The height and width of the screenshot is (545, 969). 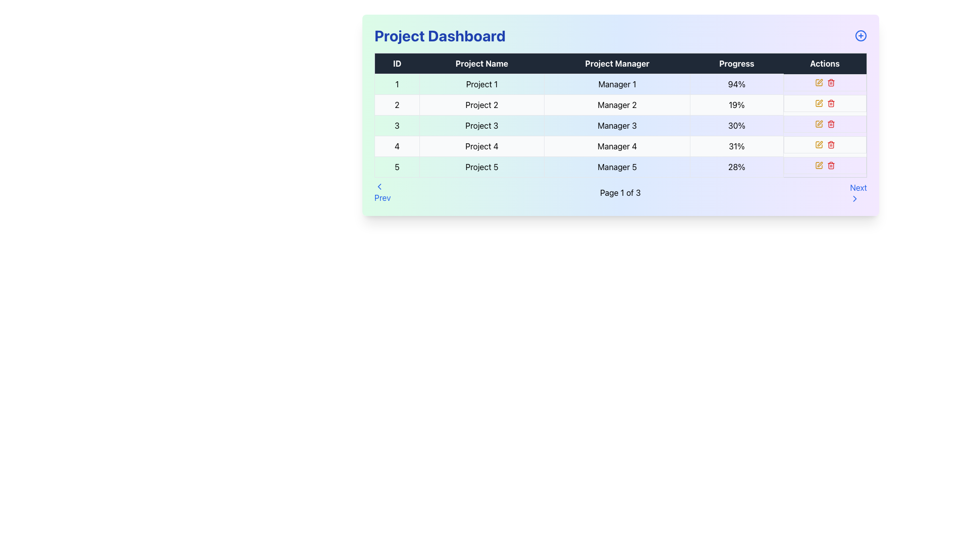 I want to click on the leftward-pointing chevron icon, which is part of the 'Prev' navigation button located at the bottom-left corner of the table interface, so click(x=379, y=187).